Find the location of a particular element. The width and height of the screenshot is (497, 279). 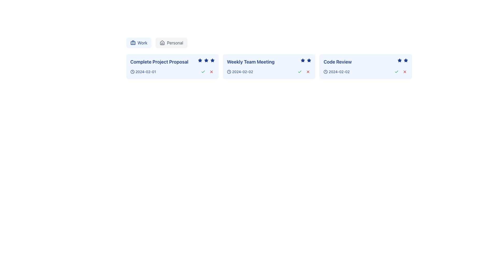

the second star icon in the rating component for 'Complete Project Proposal', located in the upper-right corner of the card is located at coordinates (206, 60).